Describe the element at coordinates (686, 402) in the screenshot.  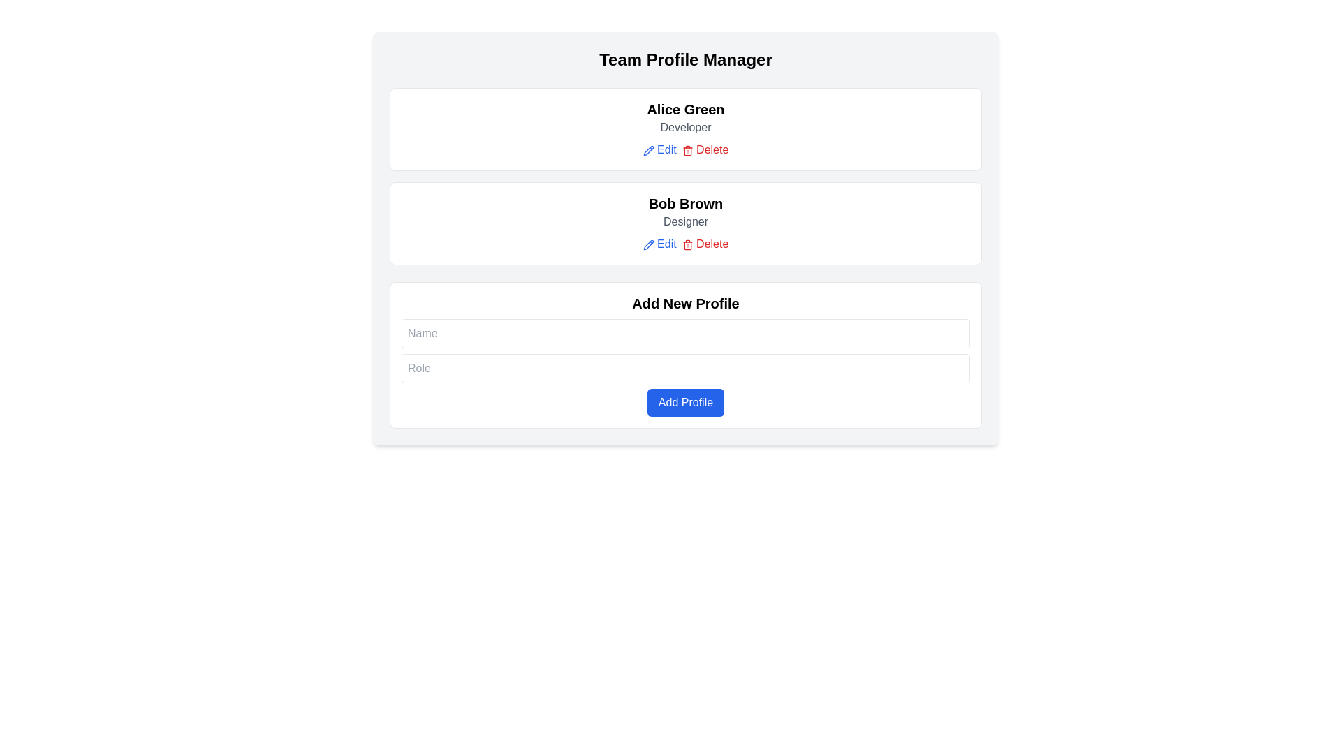
I see `the button located at the bottom of the 'Add New Profile' section to trigger visual feedback before adding a new user profile` at that location.